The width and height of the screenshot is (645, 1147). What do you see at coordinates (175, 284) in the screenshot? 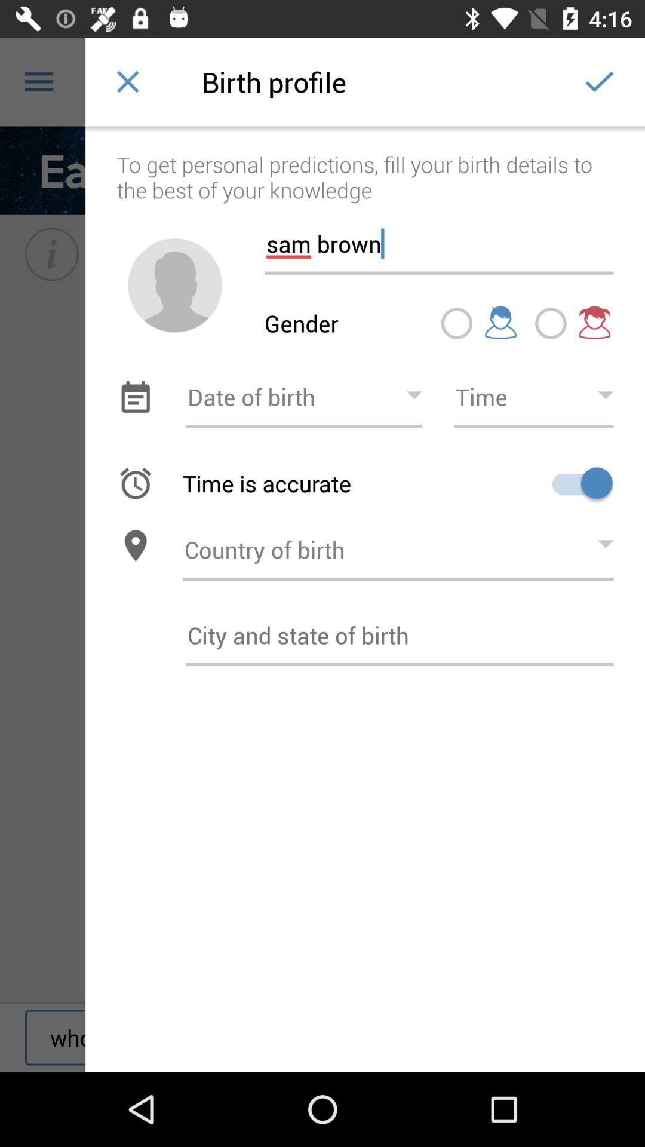
I see `item below the to get personal icon` at bounding box center [175, 284].